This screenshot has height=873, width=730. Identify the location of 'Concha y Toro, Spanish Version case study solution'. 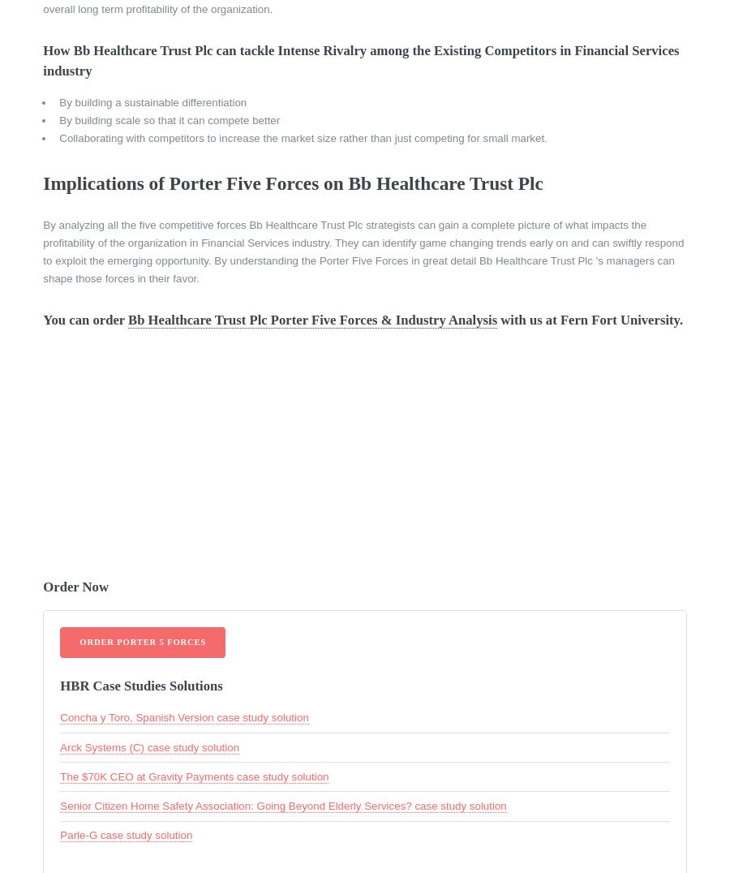
(182, 717).